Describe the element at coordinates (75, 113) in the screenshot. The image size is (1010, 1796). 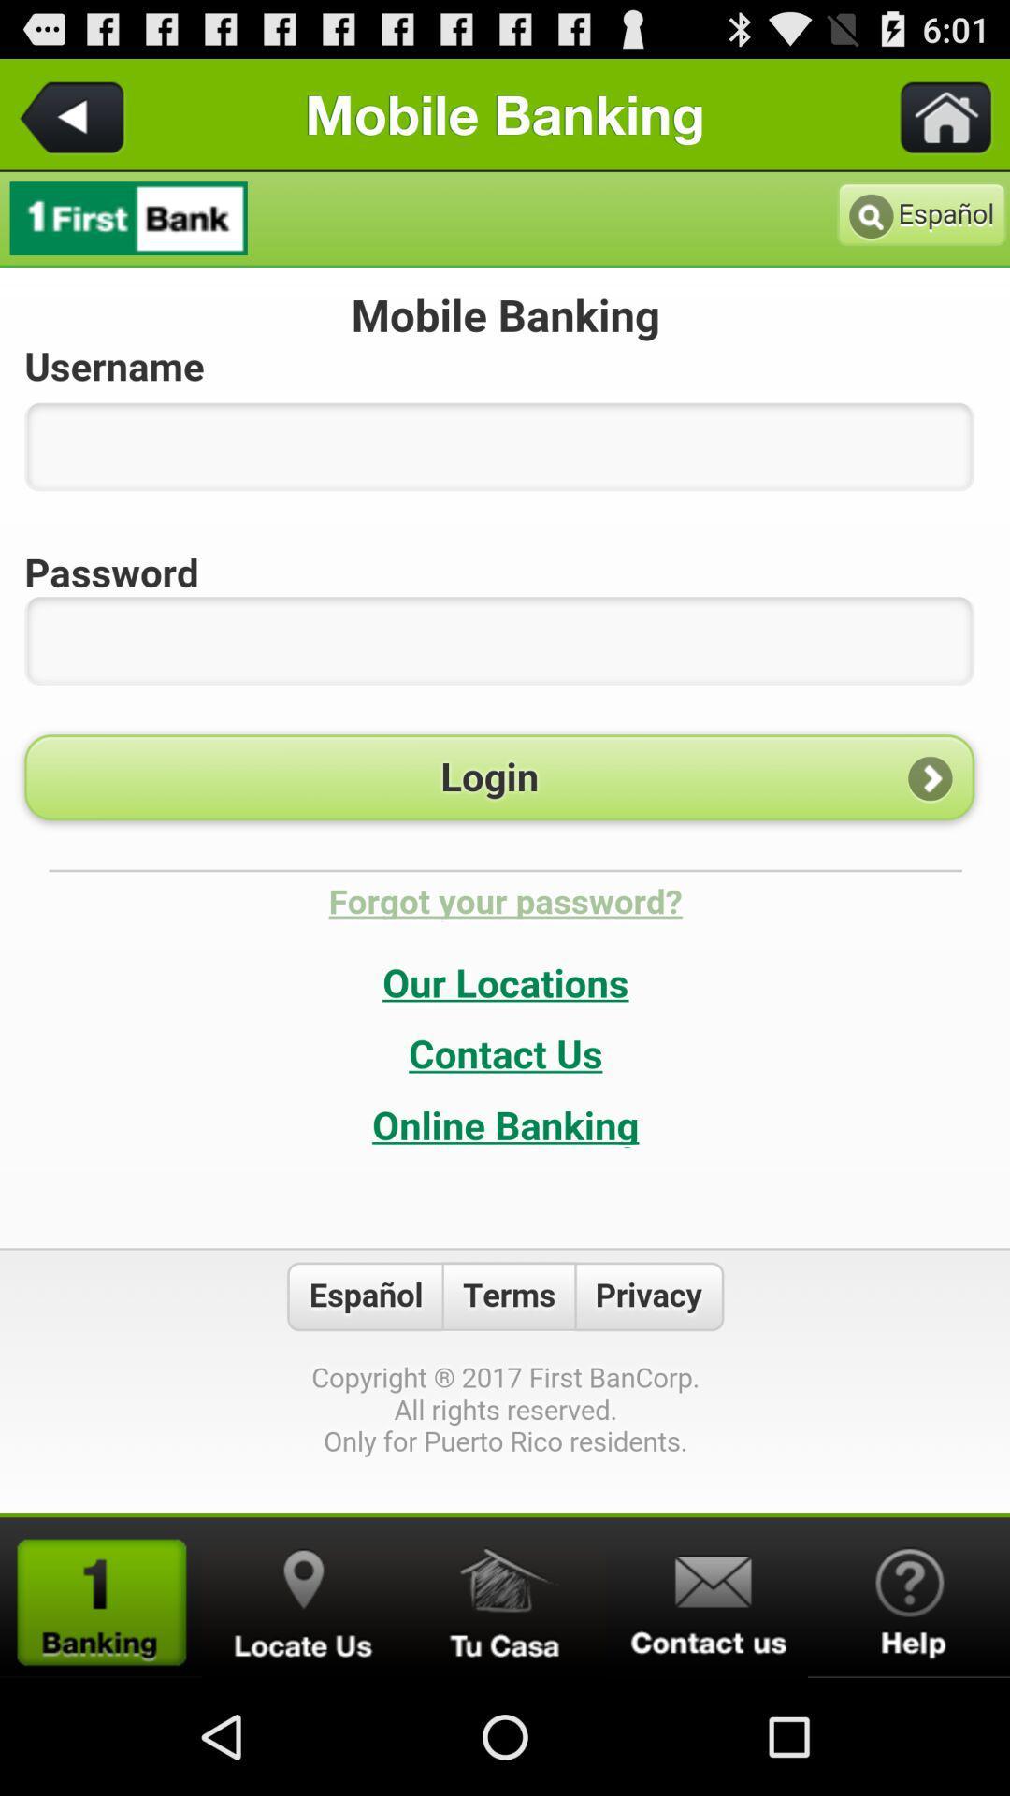
I see `go back` at that location.